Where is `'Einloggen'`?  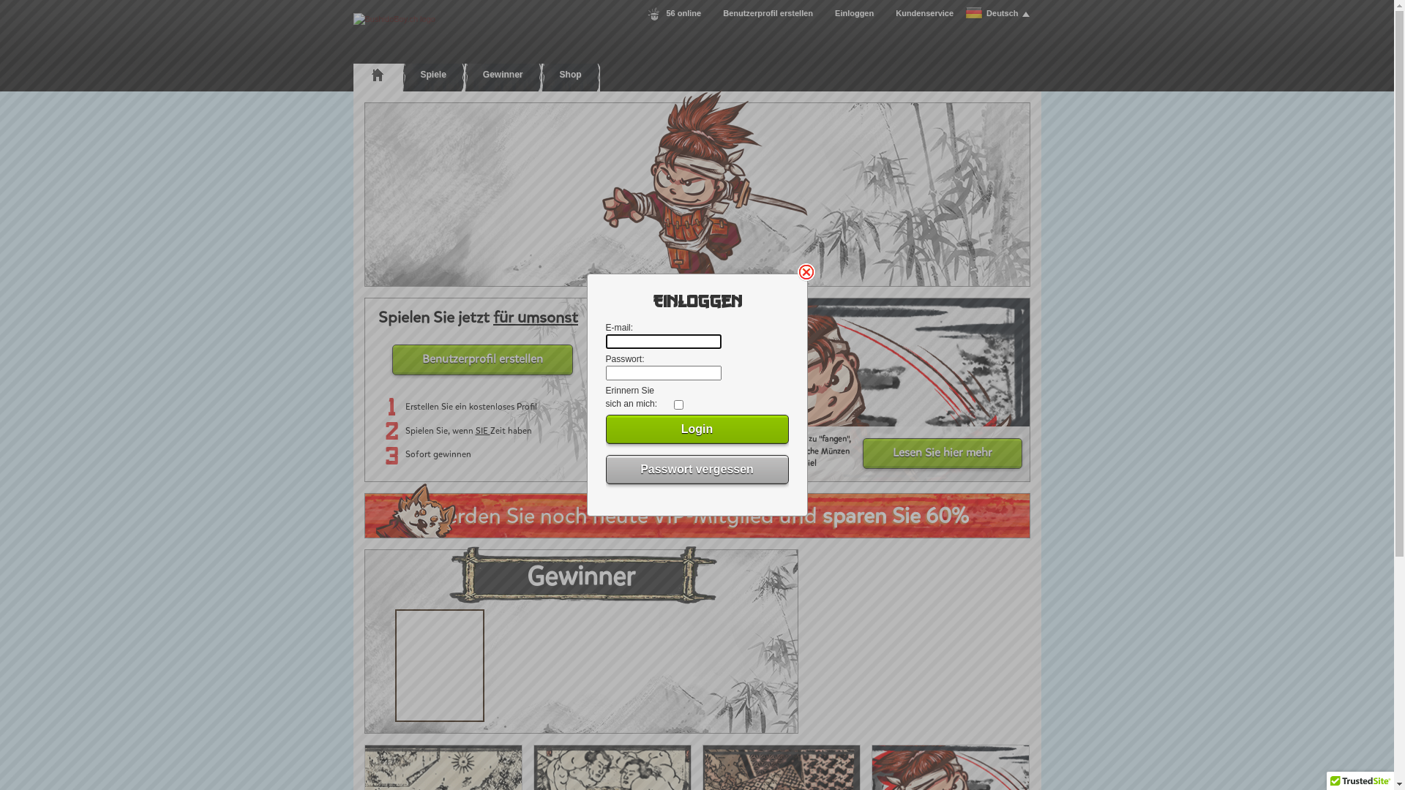 'Einloggen' is located at coordinates (854, 13).